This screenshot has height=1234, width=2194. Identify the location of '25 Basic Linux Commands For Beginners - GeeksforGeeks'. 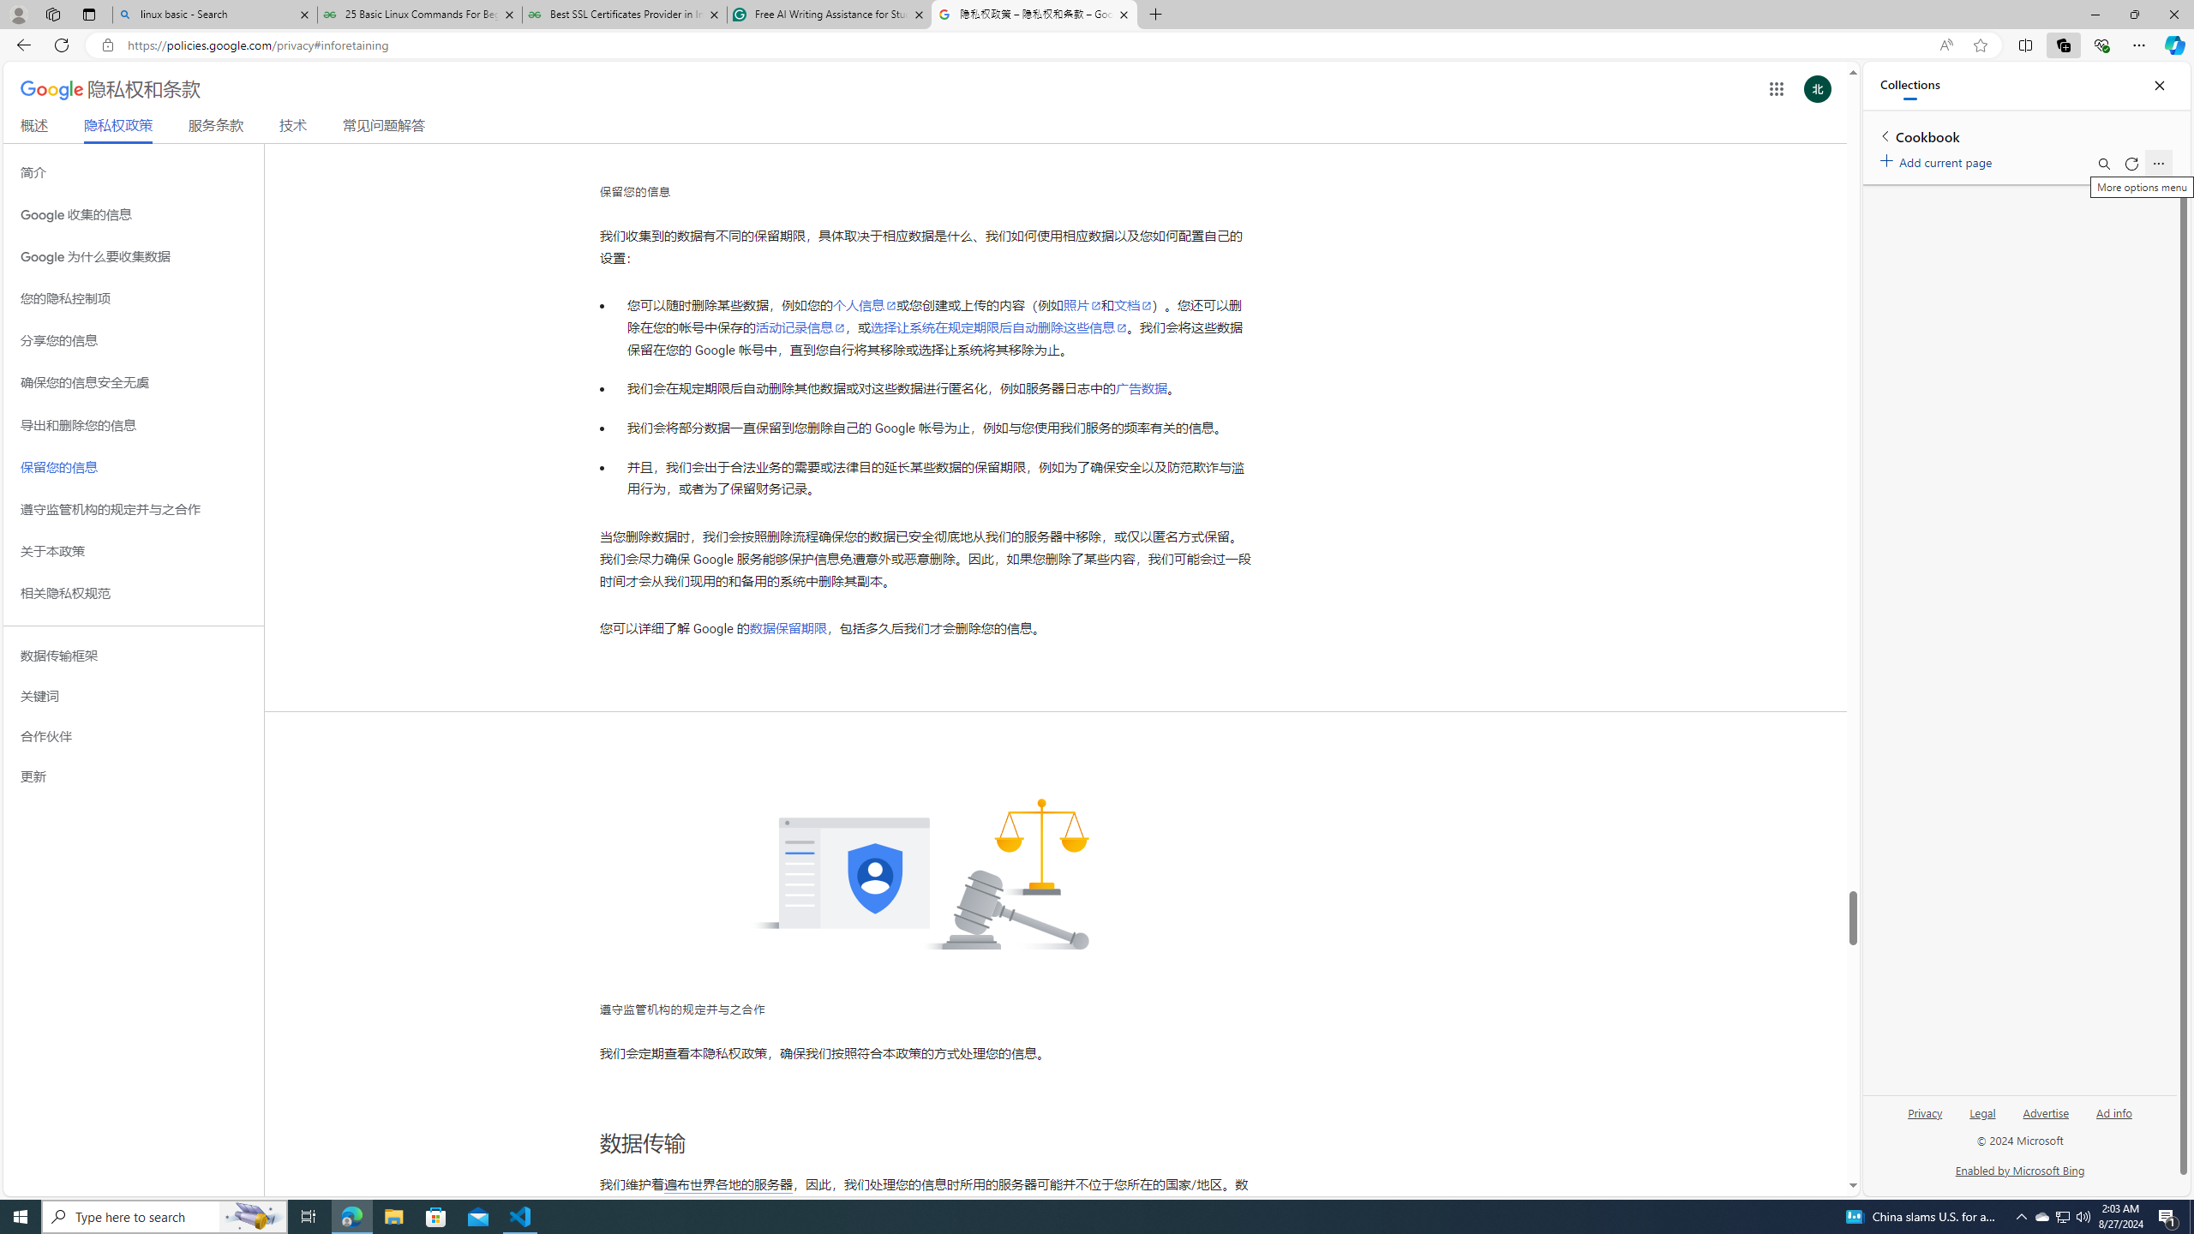
(418, 14).